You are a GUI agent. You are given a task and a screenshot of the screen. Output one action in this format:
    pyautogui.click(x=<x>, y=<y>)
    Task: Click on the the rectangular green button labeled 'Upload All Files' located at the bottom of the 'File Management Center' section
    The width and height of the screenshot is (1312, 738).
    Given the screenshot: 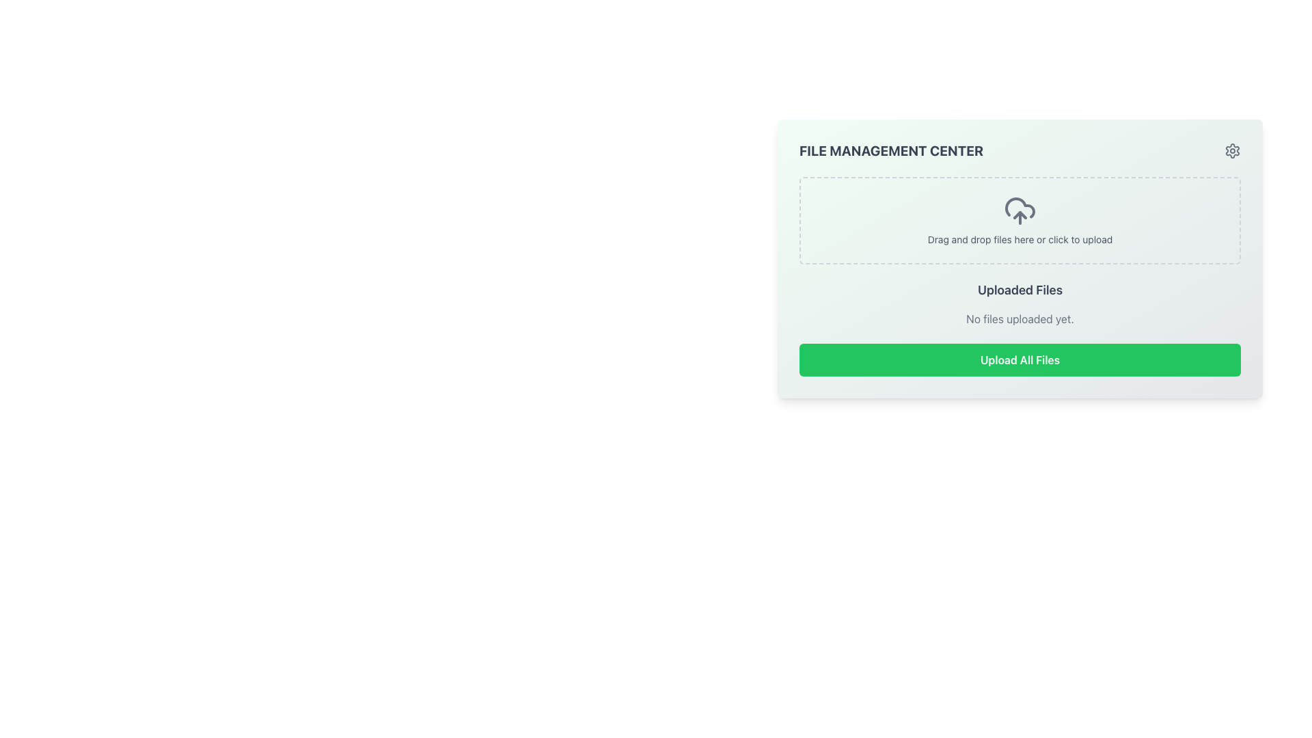 What is the action you would take?
    pyautogui.click(x=1020, y=359)
    